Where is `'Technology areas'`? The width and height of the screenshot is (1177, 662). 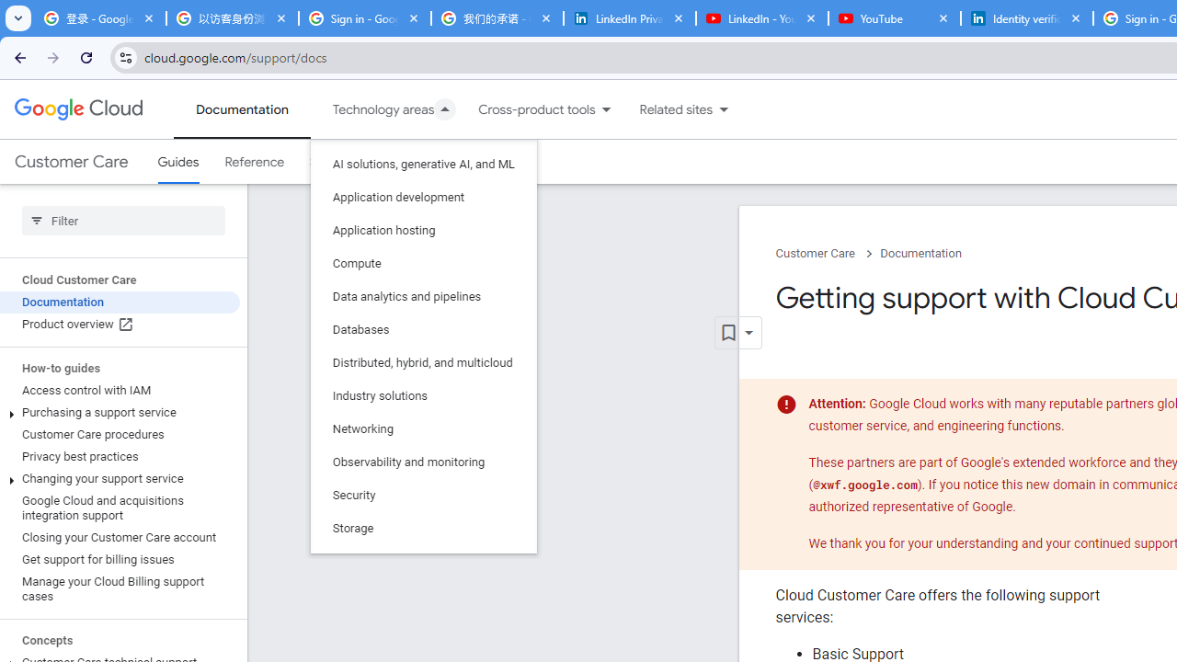 'Technology areas' is located at coordinates (371, 109).